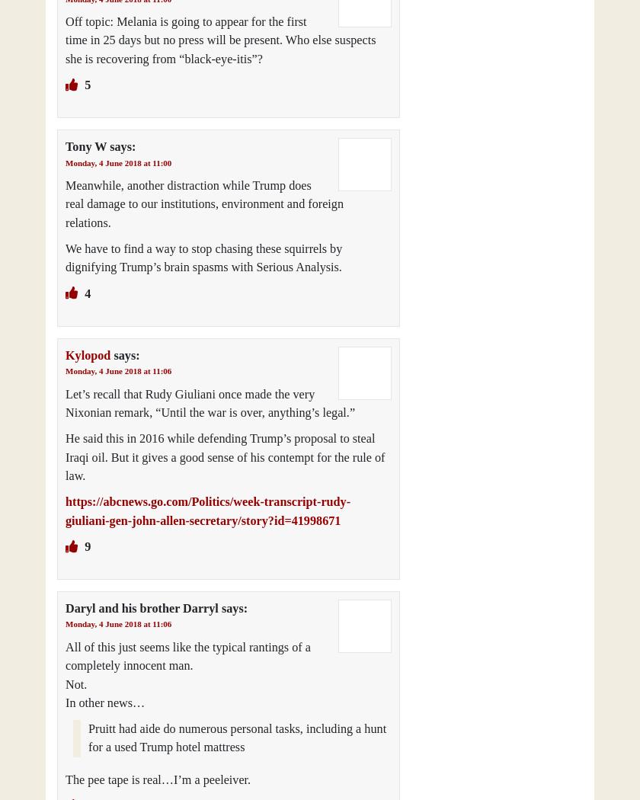  Describe the element at coordinates (86, 546) in the screenshot. I see `'9'` at that location.